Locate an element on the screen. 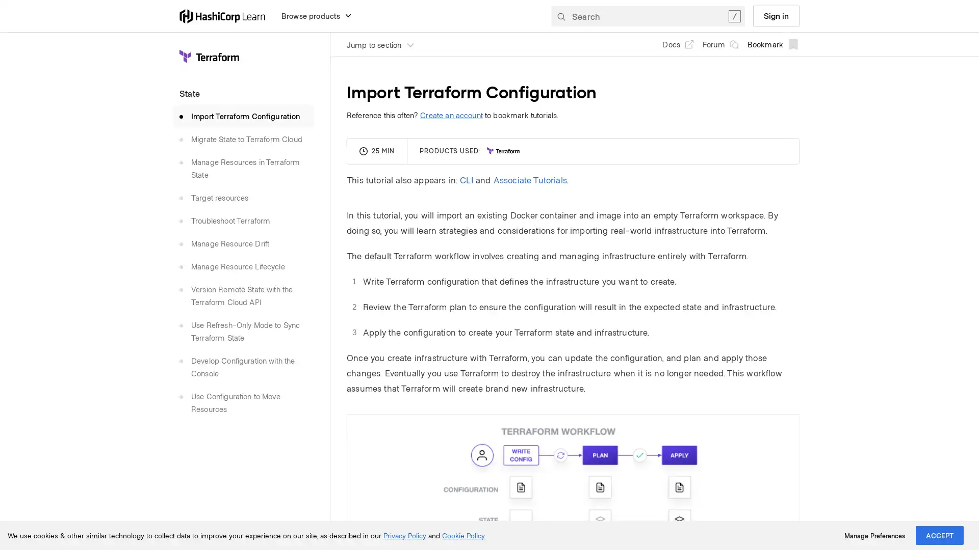 This screenshot has width=979, height=550. Submit your search query. is located at coordinates (560, 15).